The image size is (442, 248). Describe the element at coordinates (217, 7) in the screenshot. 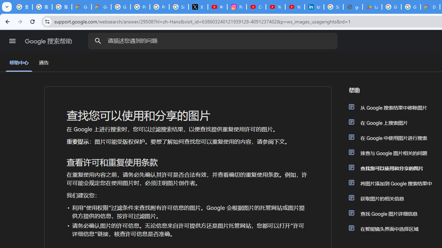

I see `'#nbabasketballhighlights - YouTube'` at that location.